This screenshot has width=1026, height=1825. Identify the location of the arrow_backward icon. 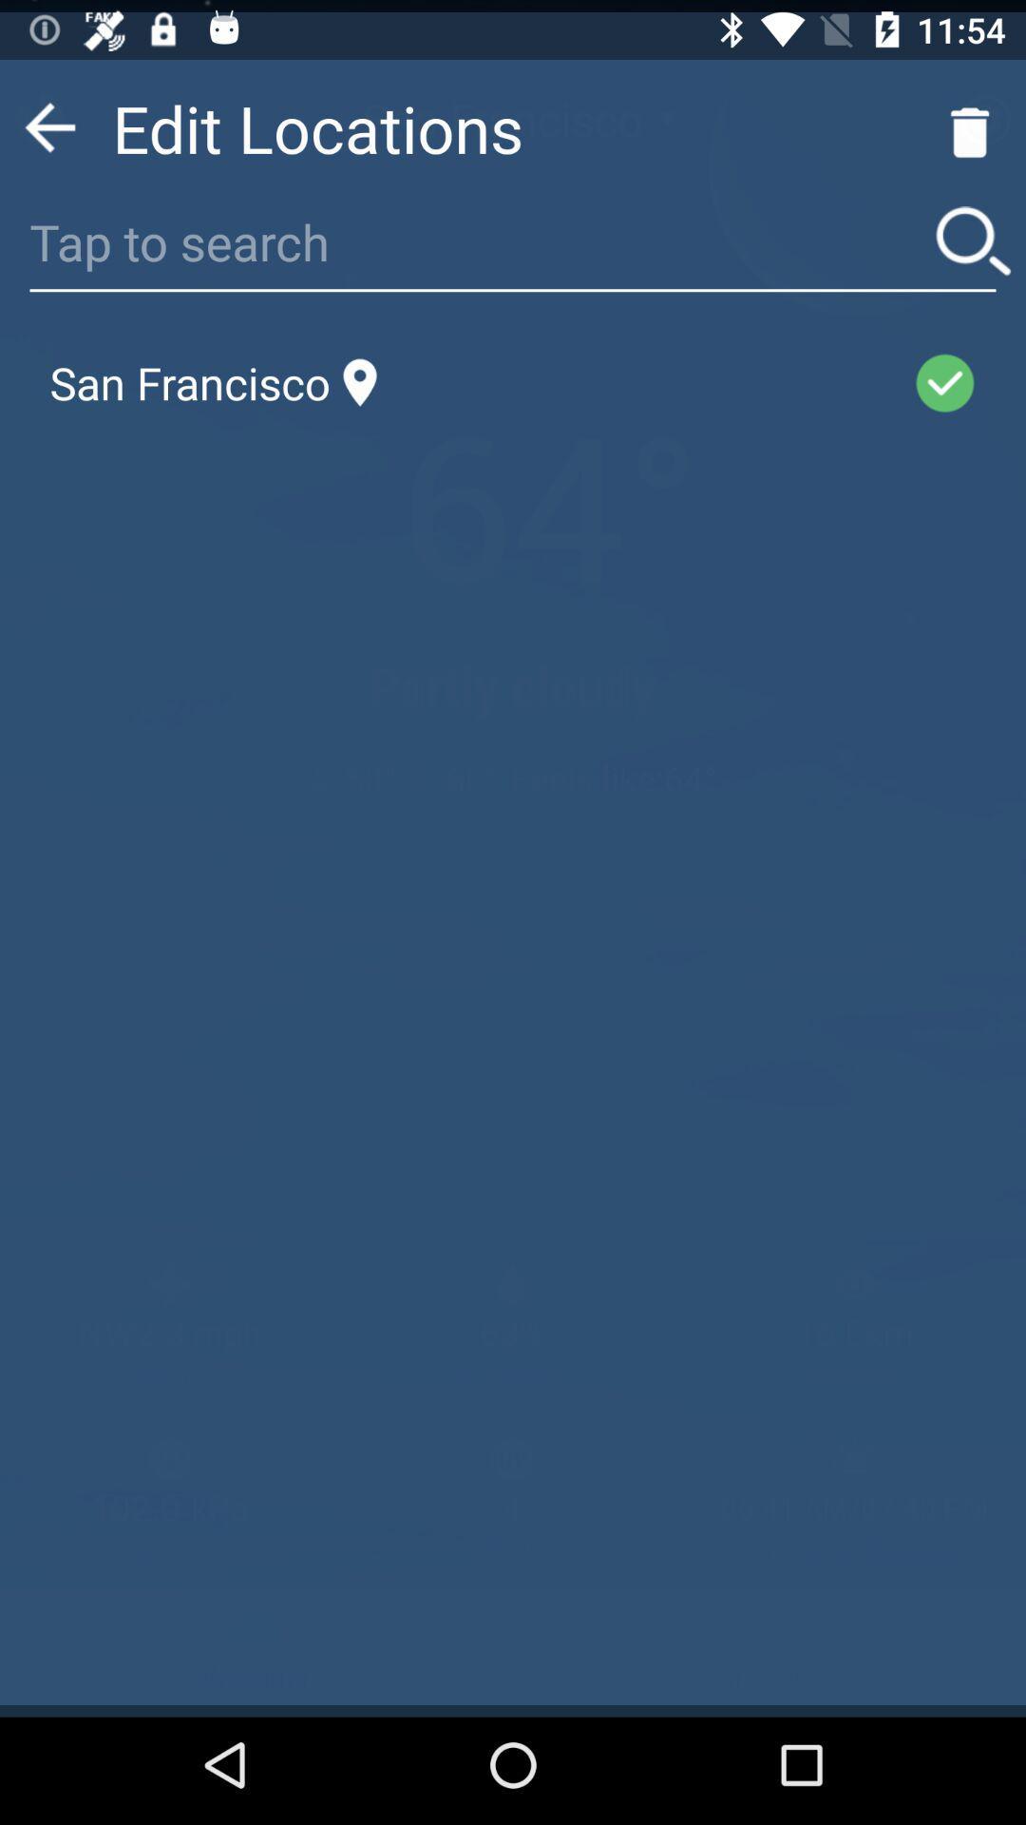
(48, 114).